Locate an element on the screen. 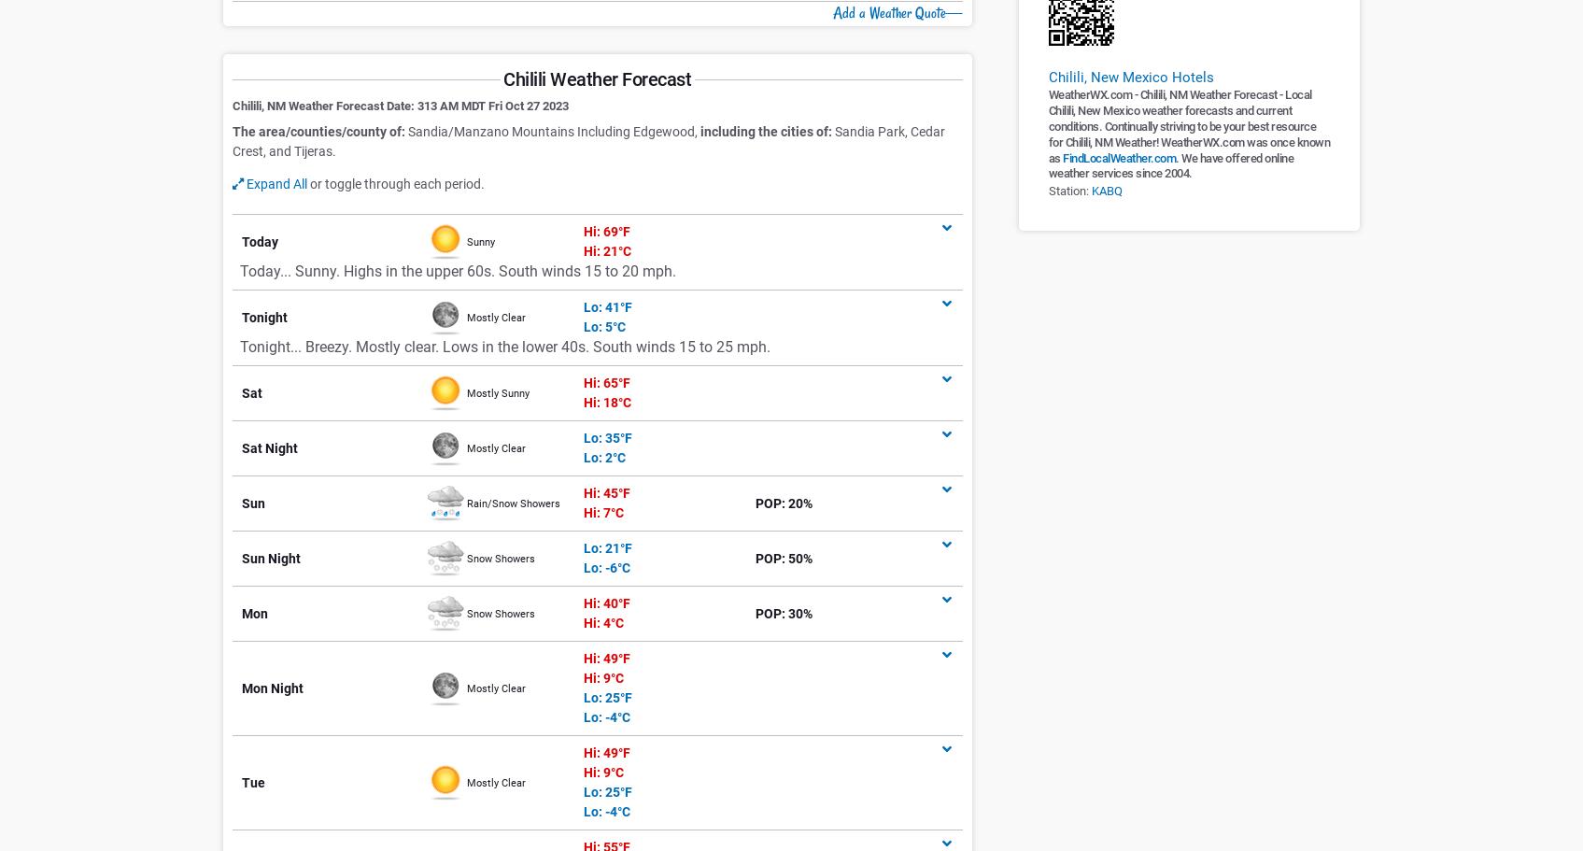 This screenshot has width=1583, height=851. 'POP: 30%' is located at coordinates (783, 613).